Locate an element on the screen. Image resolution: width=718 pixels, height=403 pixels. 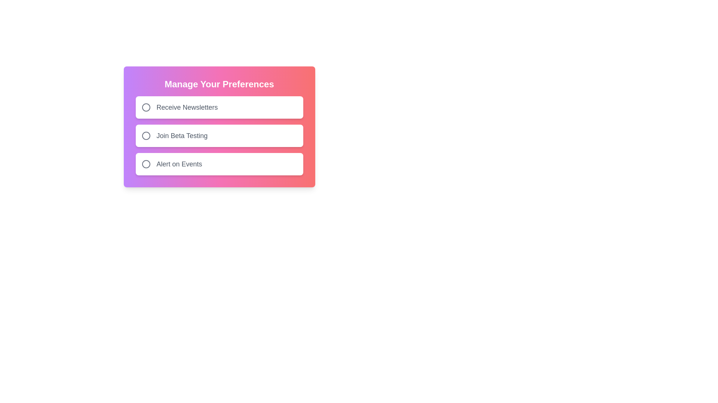
the selectable item in the list located at the bottom-most position, underneath the 'Join Beta Testing' element is located at coordinates (219, 163).